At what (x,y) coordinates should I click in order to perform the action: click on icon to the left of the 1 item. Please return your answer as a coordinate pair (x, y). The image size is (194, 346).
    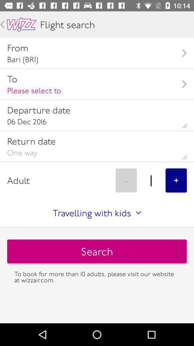
    Looking at the image, I should click on (126, 180).